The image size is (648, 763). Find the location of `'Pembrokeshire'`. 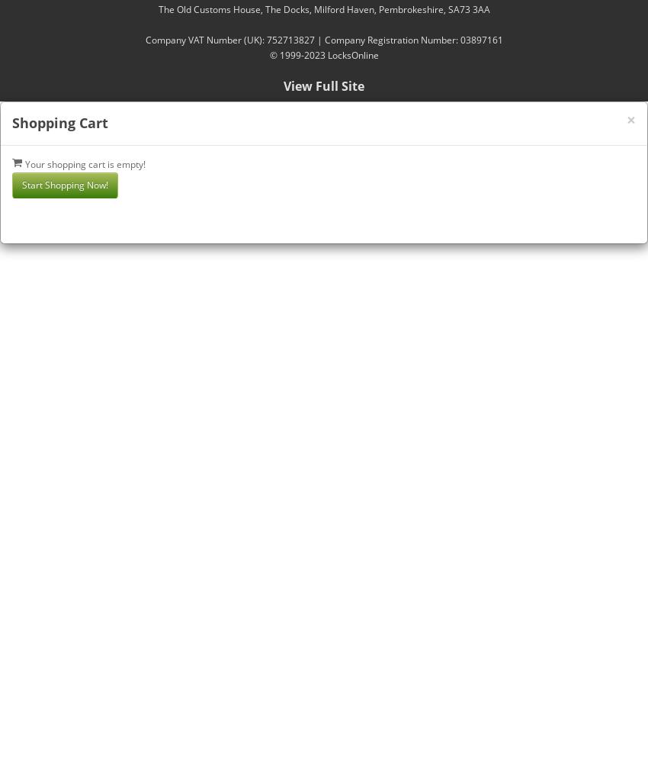

'Pembrokeshire' is located at coordinates (409, 9).